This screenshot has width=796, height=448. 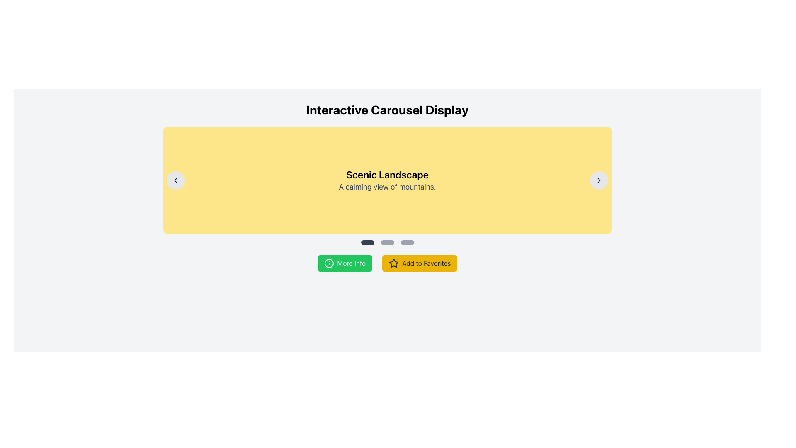 I want to click on the 'Add to Favorites' button, which is a rectangular button with a yellow background and a star icon, so click(x=420, y=263).